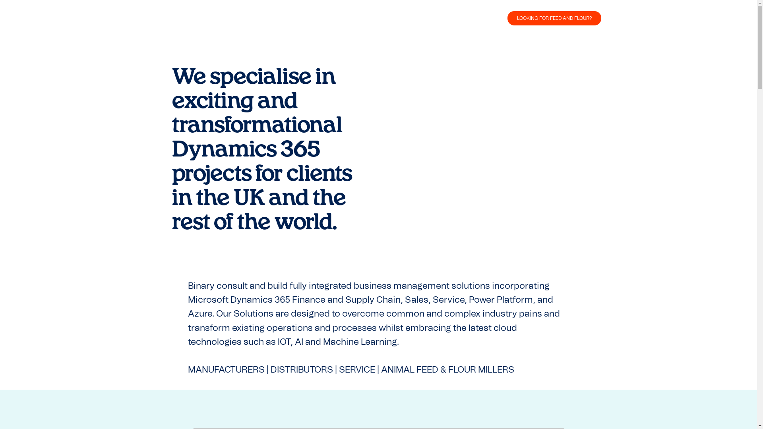  I want to click on 'LOOKING FOR FEED AND FLOUR?', so click(553, 18).